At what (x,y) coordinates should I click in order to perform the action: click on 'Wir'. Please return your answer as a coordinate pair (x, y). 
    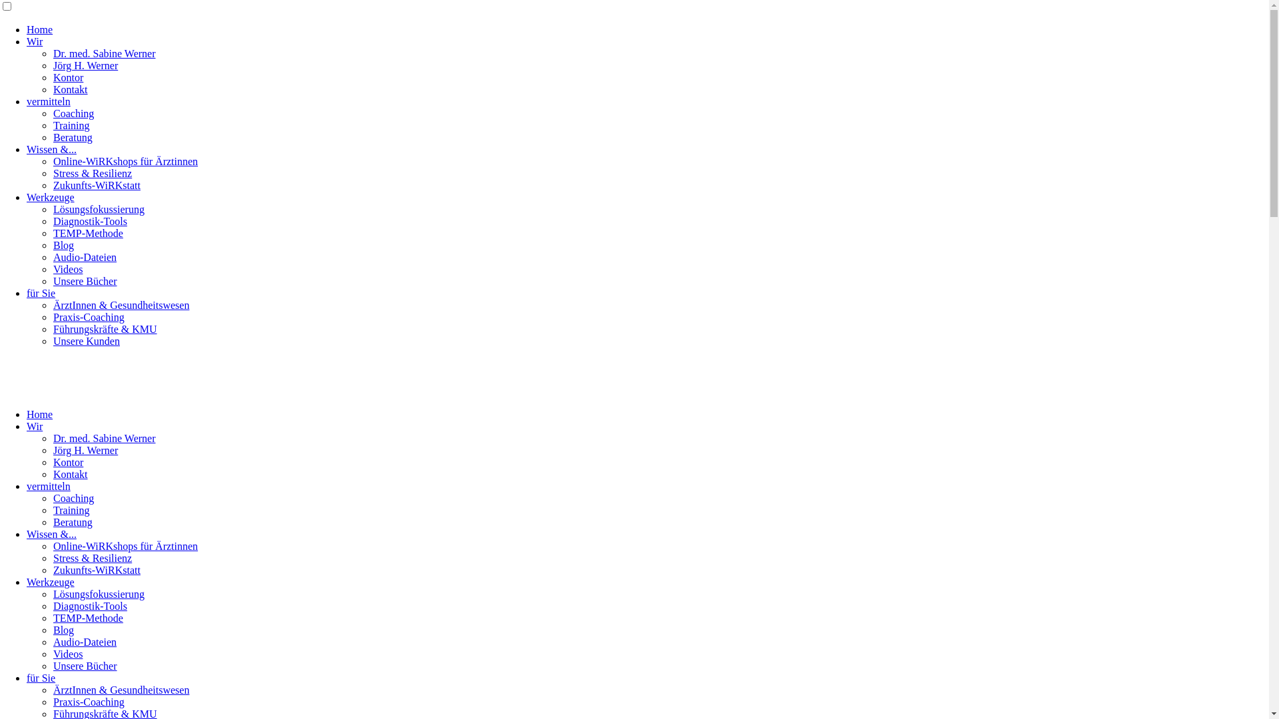
    Looking at the image, I should click on (35, 41).